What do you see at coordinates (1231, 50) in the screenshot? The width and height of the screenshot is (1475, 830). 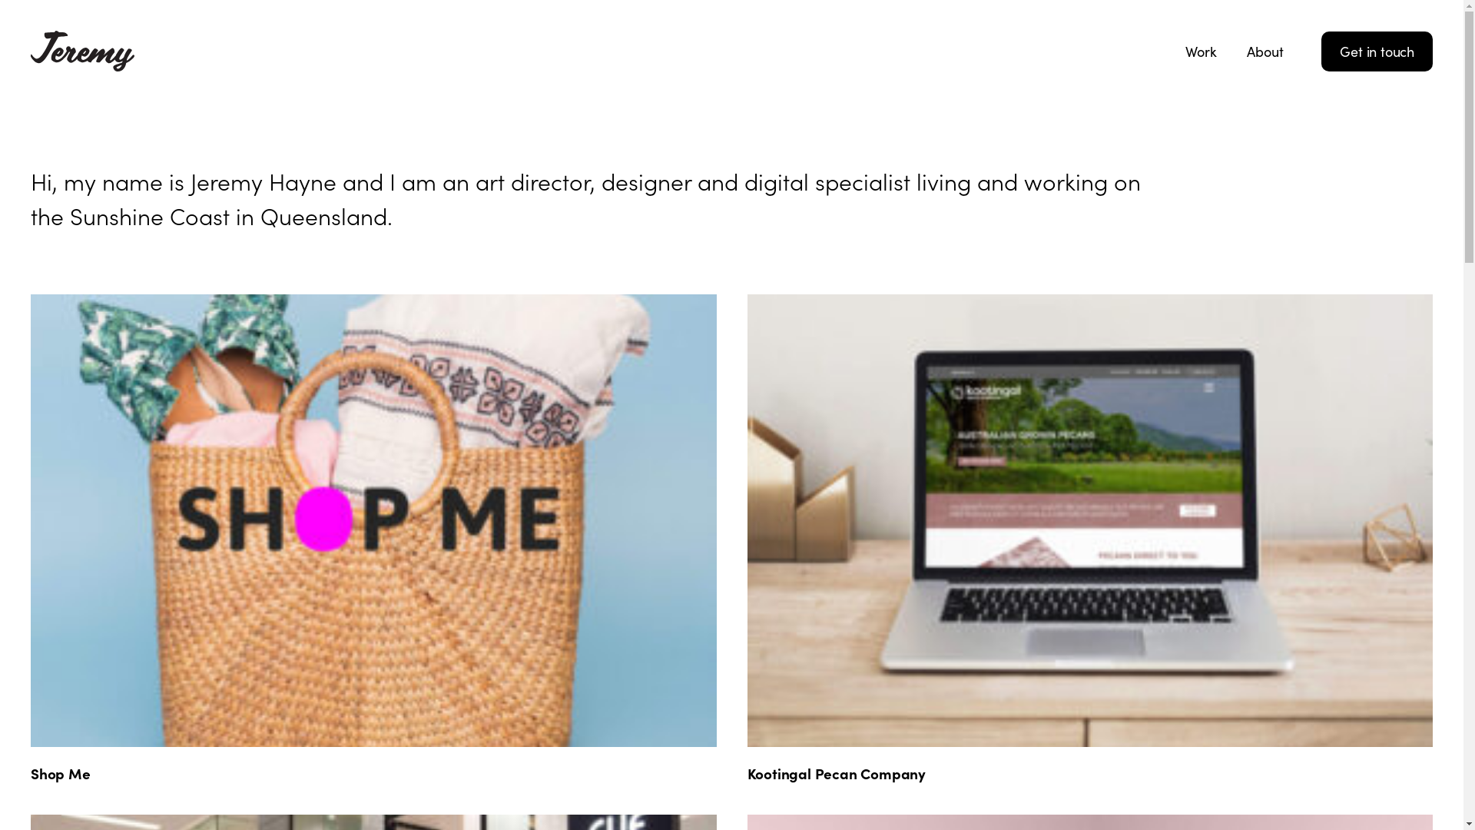 I see `'About'` at bounding box center [1231, 50].